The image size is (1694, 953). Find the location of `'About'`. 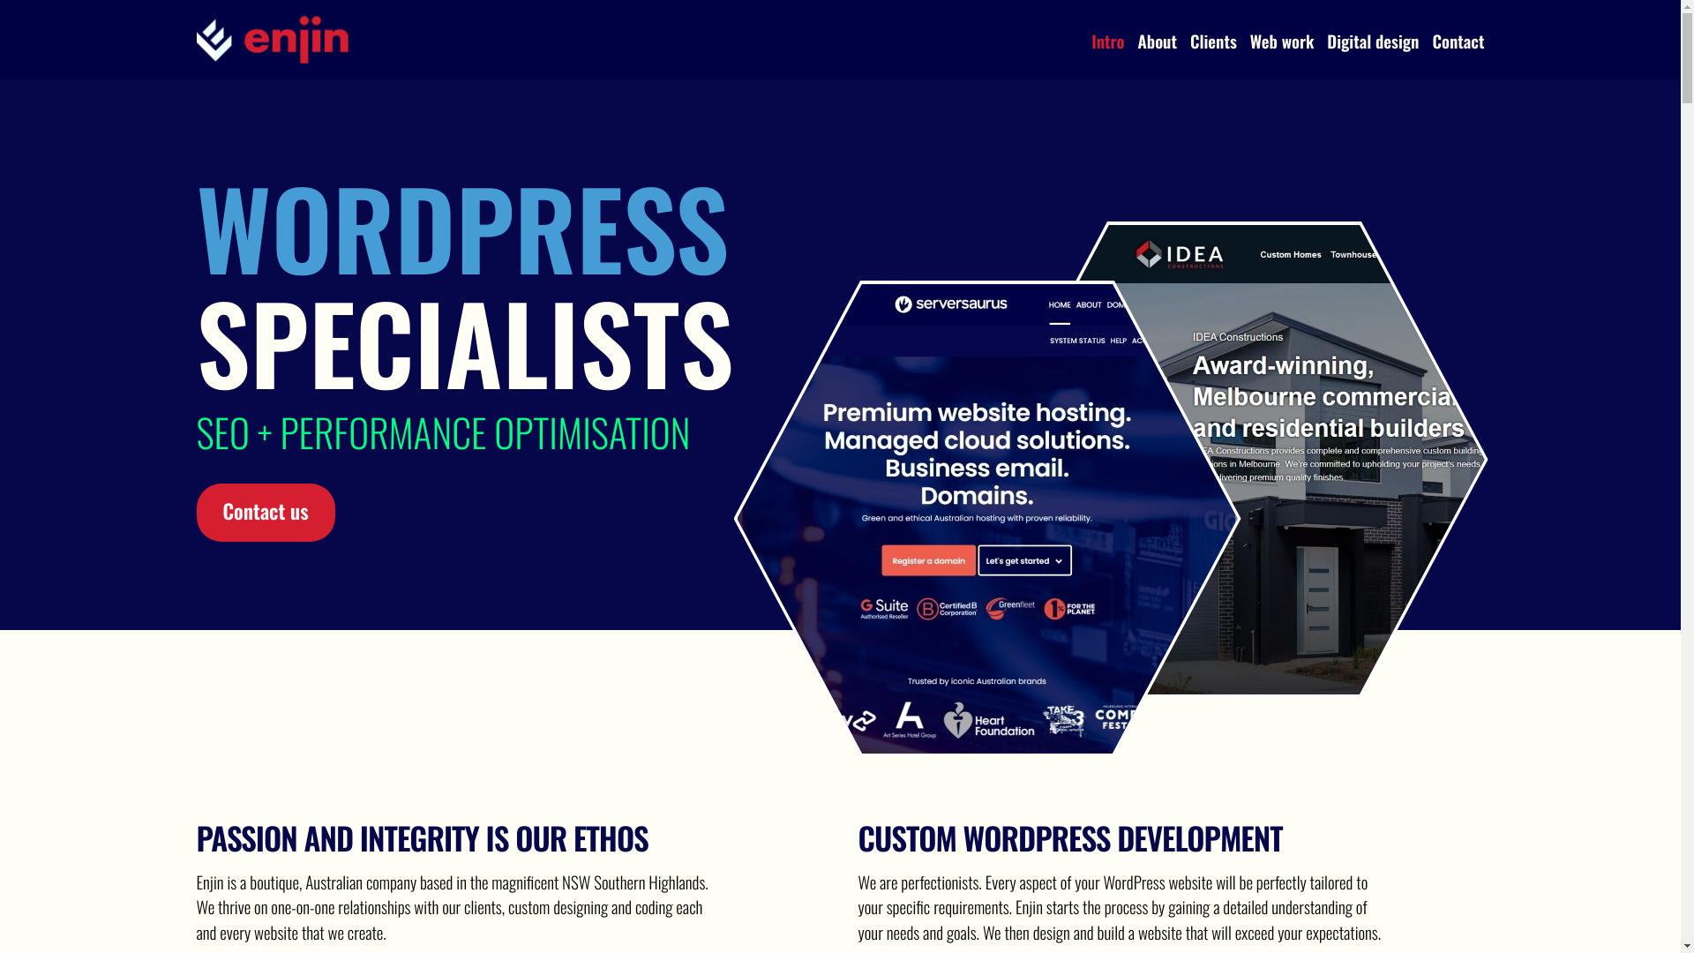

'About' is located at coordinates (1138, 41).